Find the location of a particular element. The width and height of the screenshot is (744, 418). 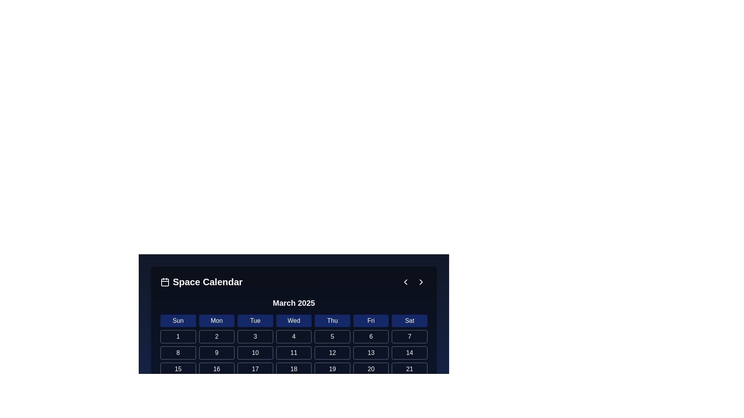

the rectangular button displaying '8' with a dark background and gray border, located in the first column of the second week of the month is located at coordinates (177, 353).